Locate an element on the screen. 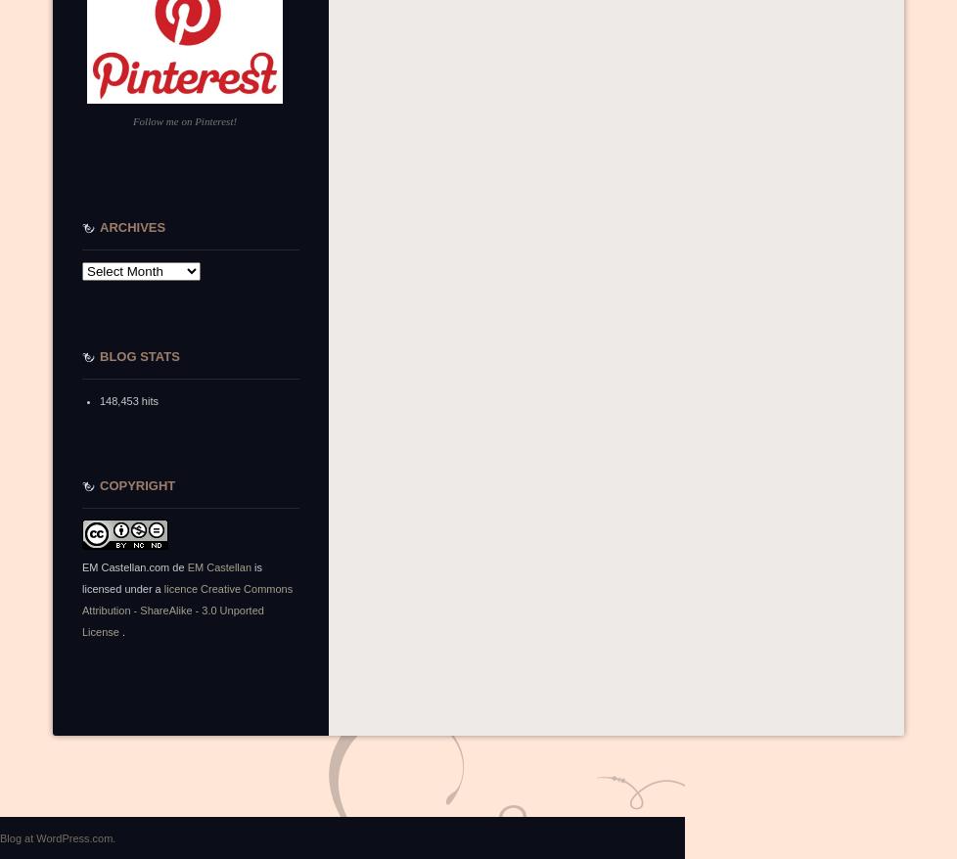  '.' is located at coordinates (122, 631).